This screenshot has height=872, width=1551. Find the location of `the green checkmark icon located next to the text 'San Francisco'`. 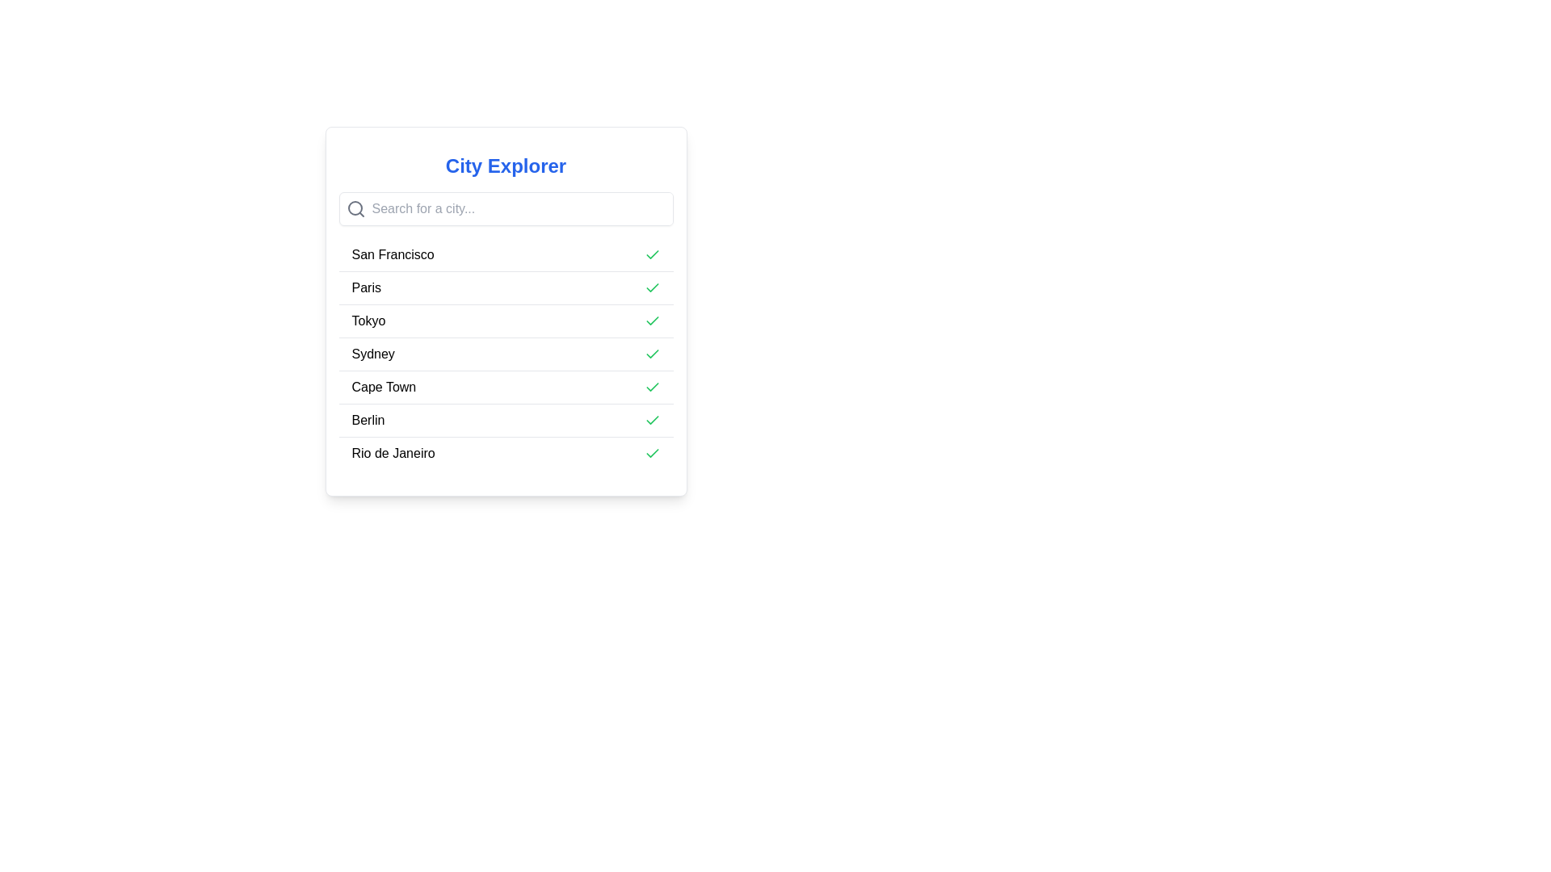

the green checkmark icon located next to the text 'San Francisco' is located at coordinates (652, 254).